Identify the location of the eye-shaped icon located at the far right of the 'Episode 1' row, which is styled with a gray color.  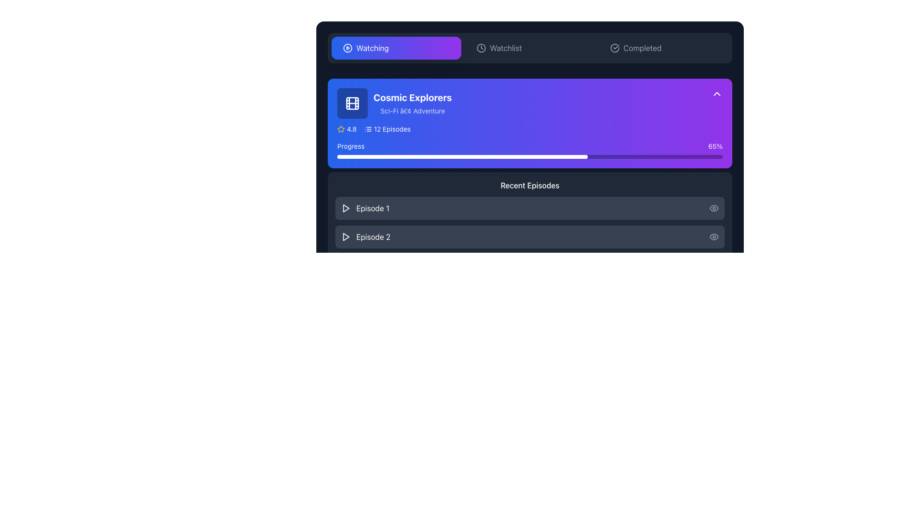
(714, 207).